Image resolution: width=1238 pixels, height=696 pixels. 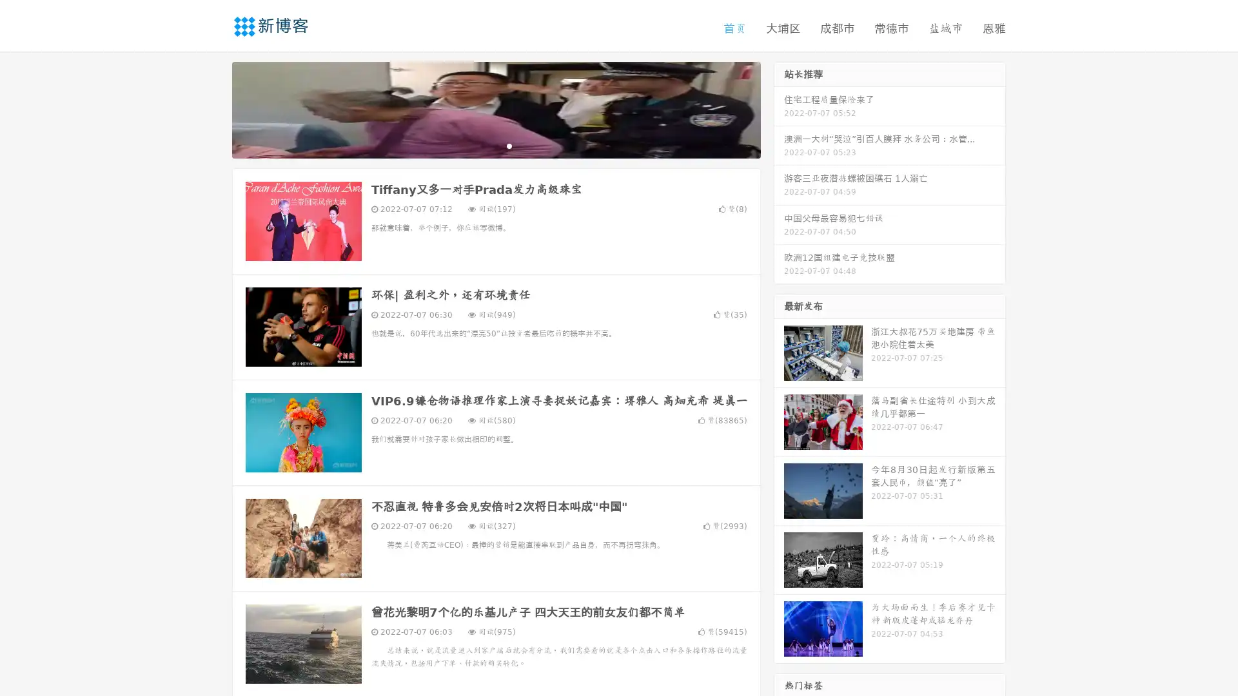 What do you see at coordinates (779, 108) in the screenshot?
I see `Next slide` at bounding box center [779, 108].